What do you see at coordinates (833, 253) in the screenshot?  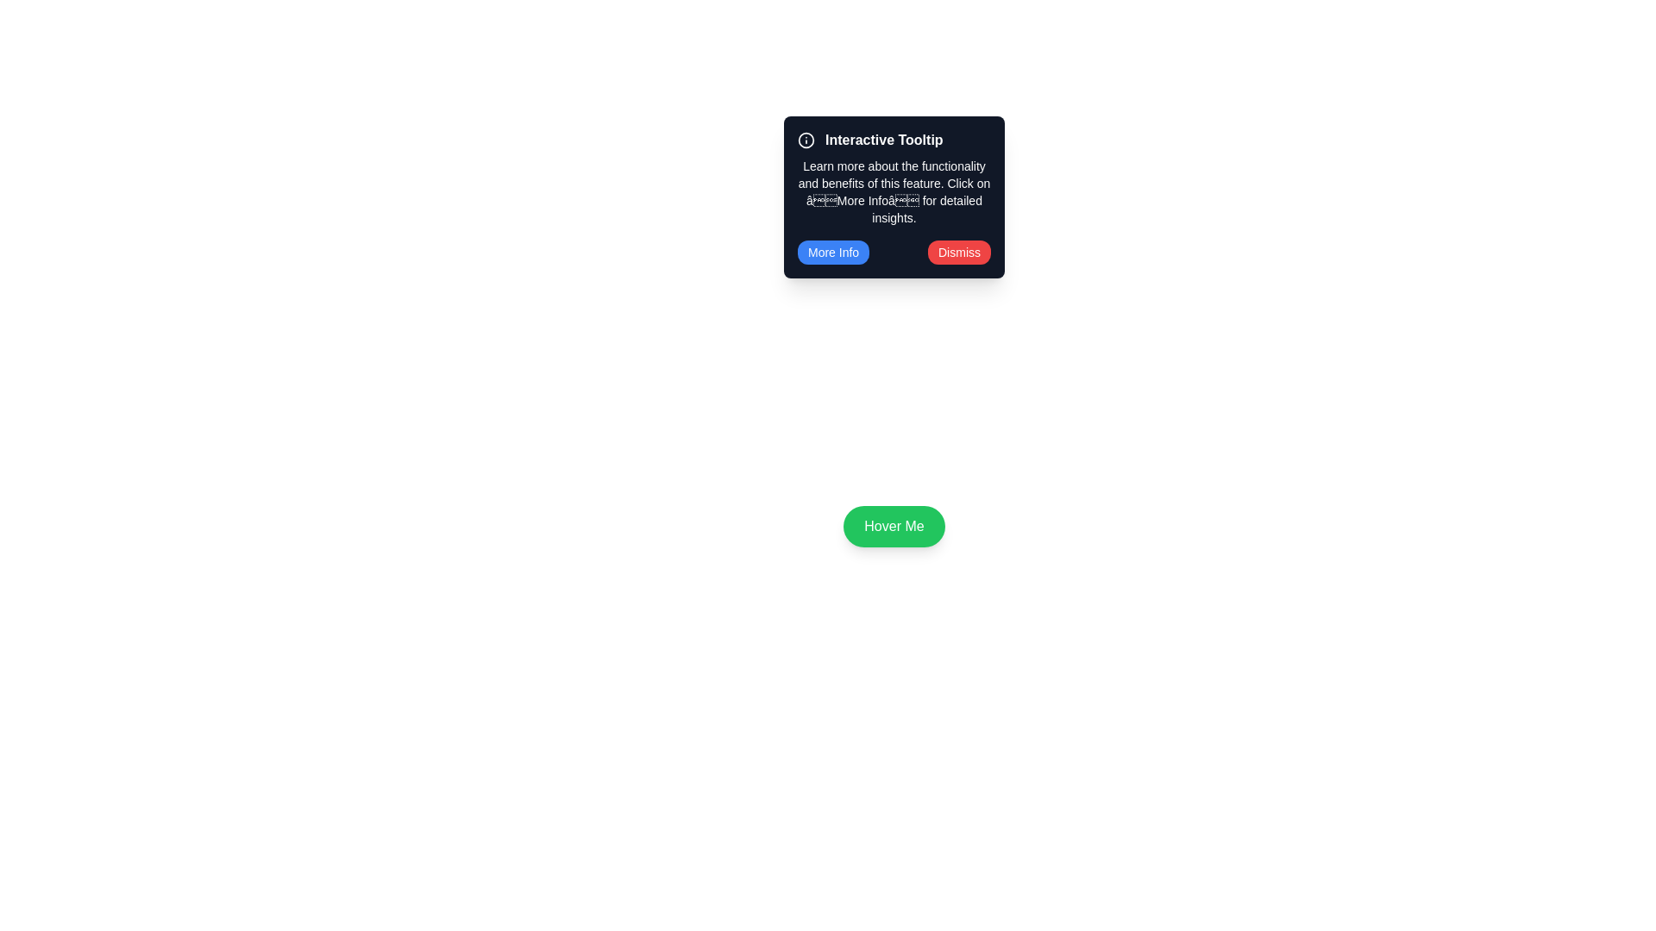 I see `the 'More Info' button, which is styled with rounded corners and a blue background` at bounding box center [833, 253].